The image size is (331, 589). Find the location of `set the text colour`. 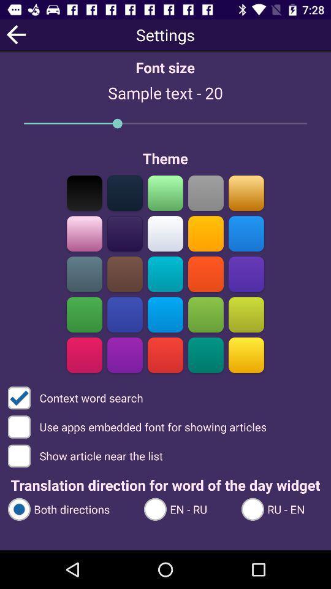

set the text colour is located at coordinates (84, 233).